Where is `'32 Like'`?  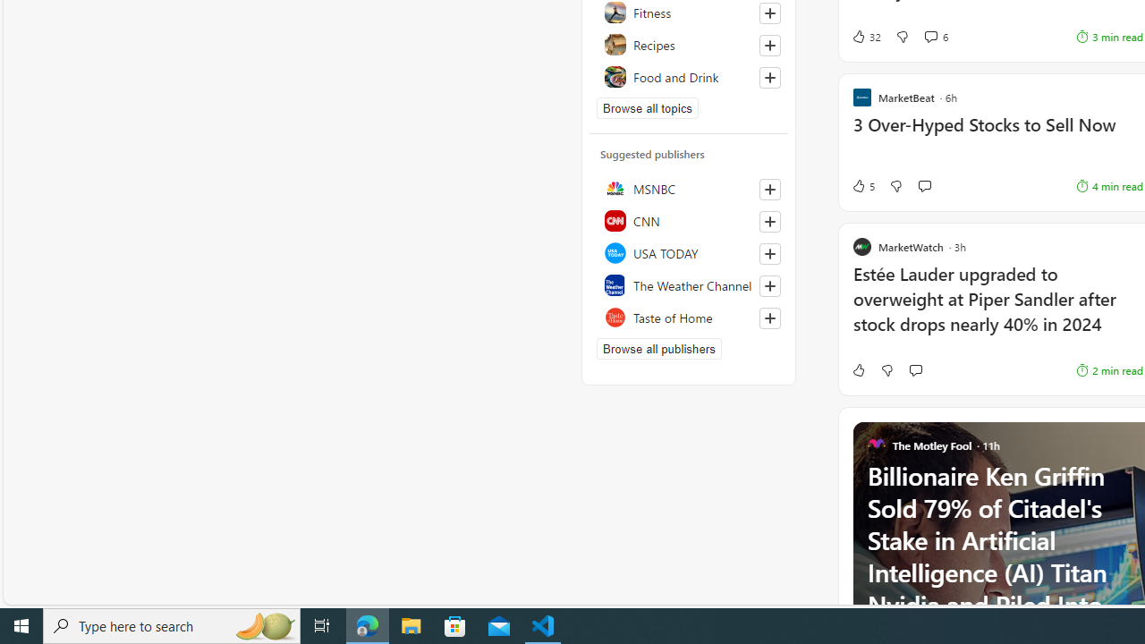
'32 Like' is located at coordinates (866, 37).